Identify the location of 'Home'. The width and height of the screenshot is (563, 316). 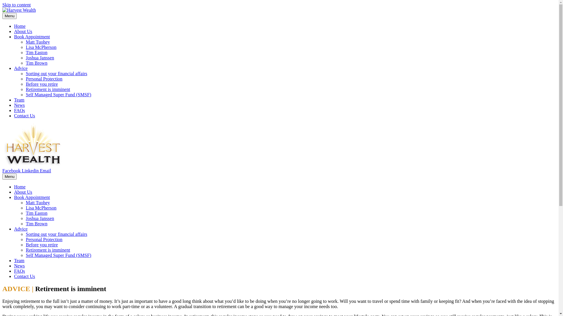
(20, 187).